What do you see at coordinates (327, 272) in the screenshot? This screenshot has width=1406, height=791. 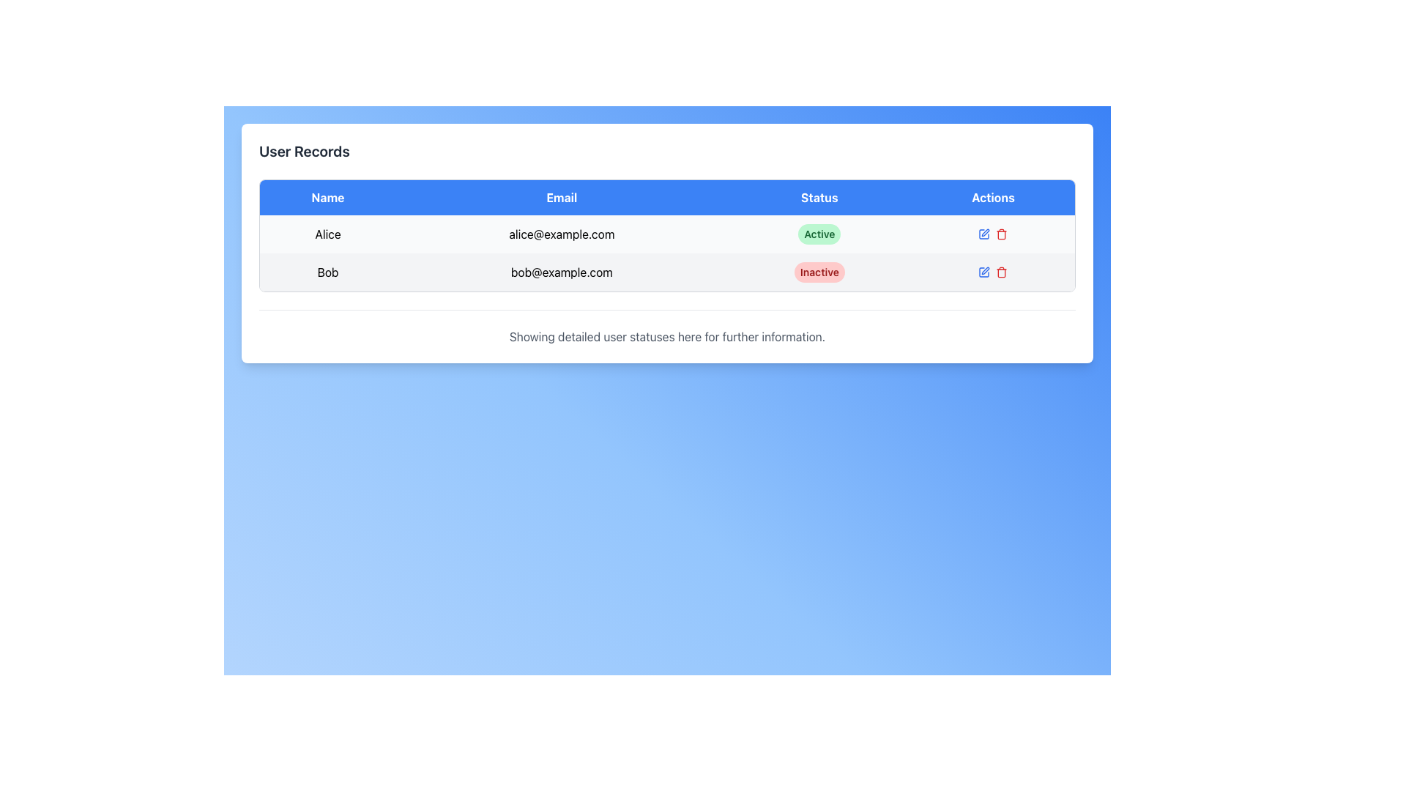 I see `the text label displaying 'Bob' in bold black font located in the first cell of the second row of the user records table` at bounding box center [327, 272].